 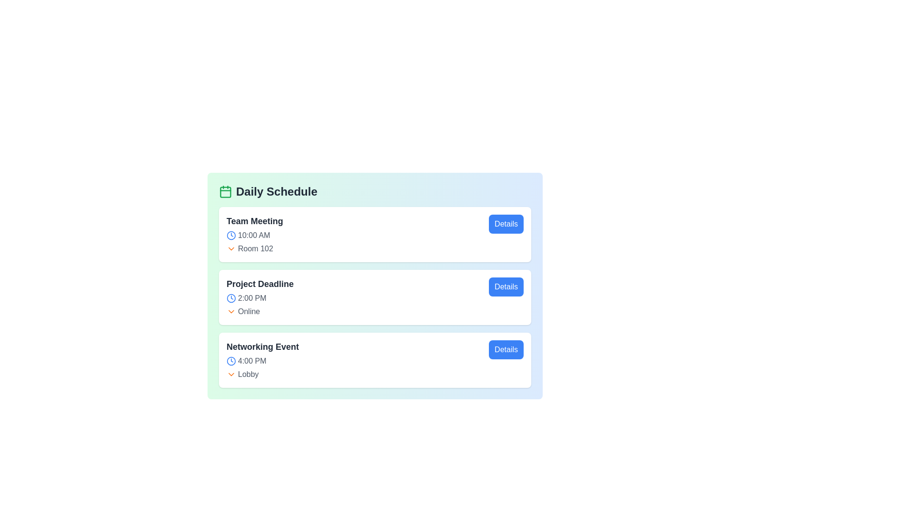 I want to click on the small rectangular decorative graphical element resembling a calendar icon located near the top-left corner of the interface, so click(x=225, y=192).